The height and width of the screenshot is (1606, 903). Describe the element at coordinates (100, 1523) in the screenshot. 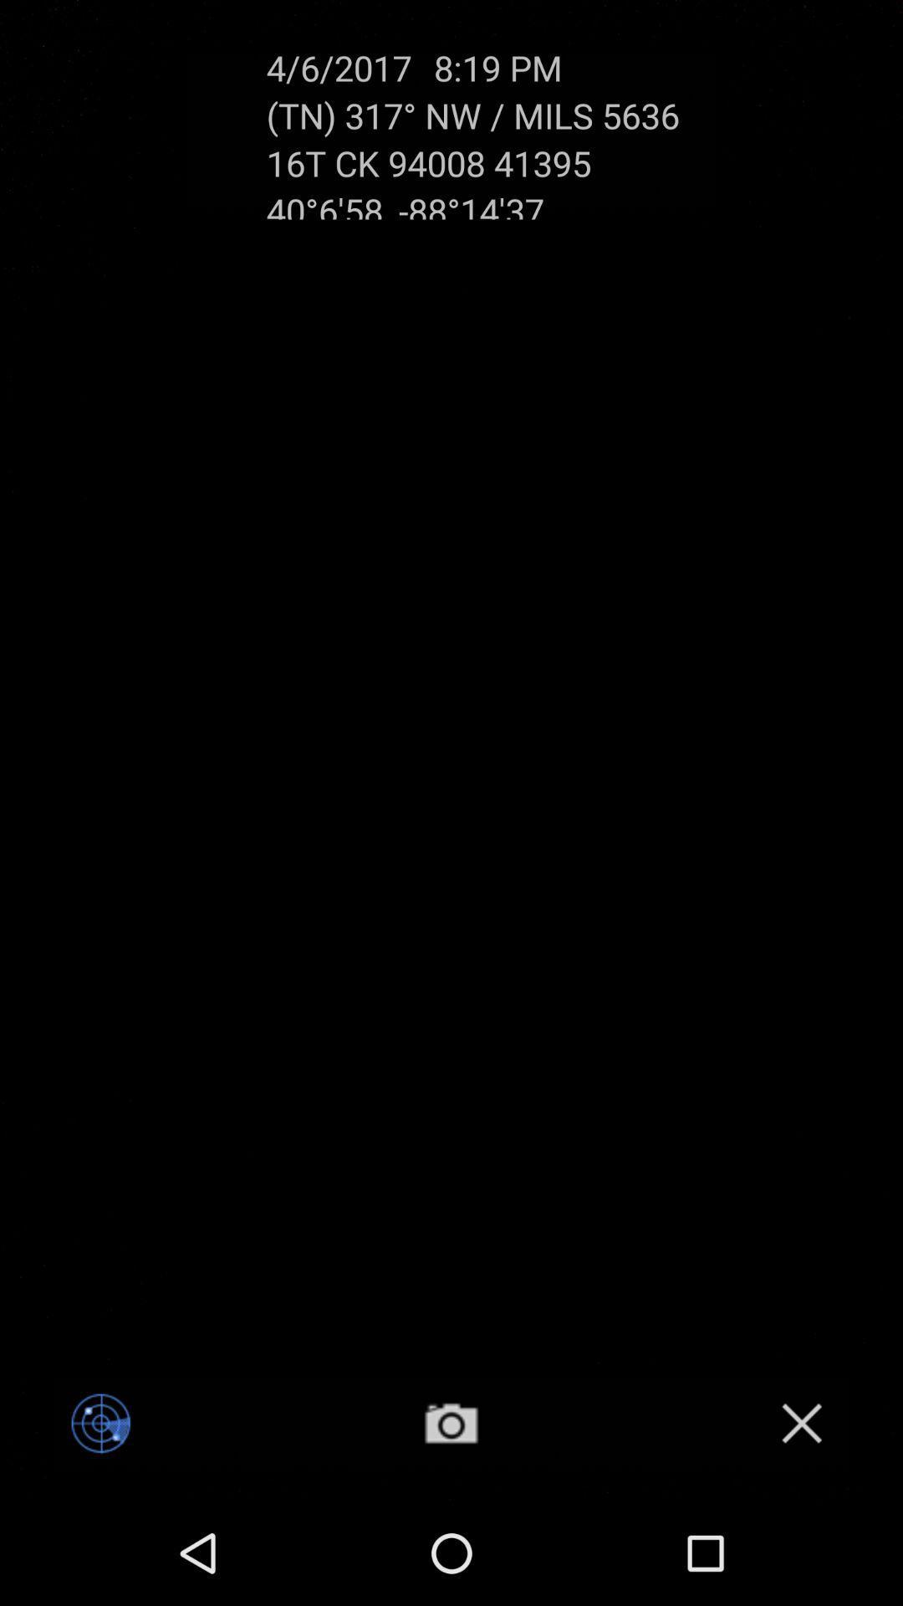

I see `the location_crosshair icon` at that location.